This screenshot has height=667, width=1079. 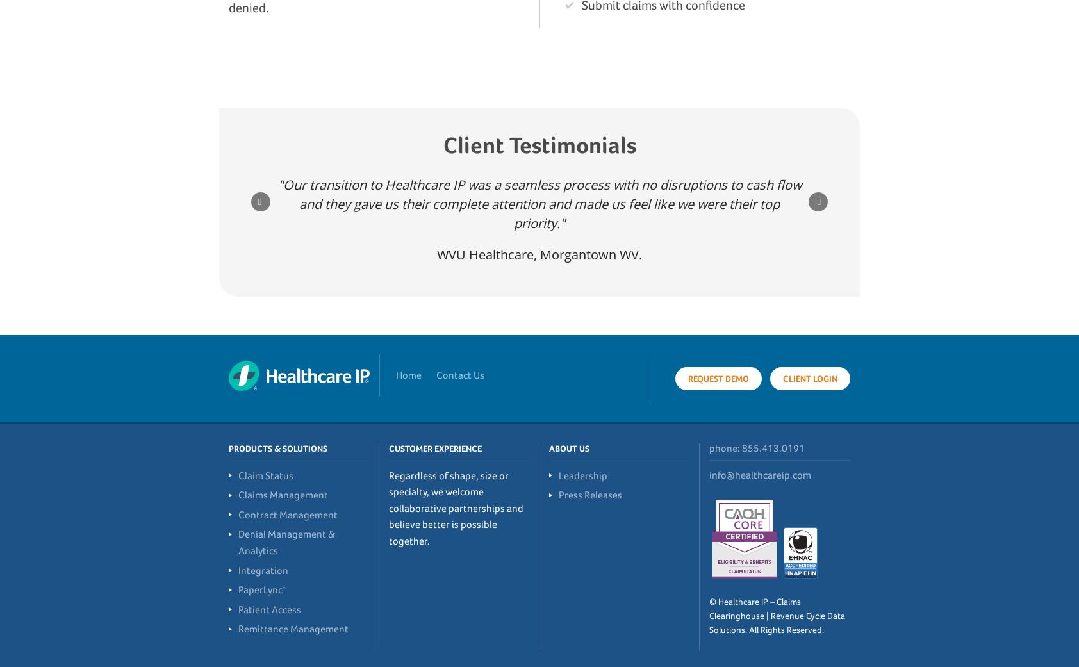 What do you see at coordinates (557, 475) in the screenshot?
I see `'Leadership'` at bounding box center [557, 475].